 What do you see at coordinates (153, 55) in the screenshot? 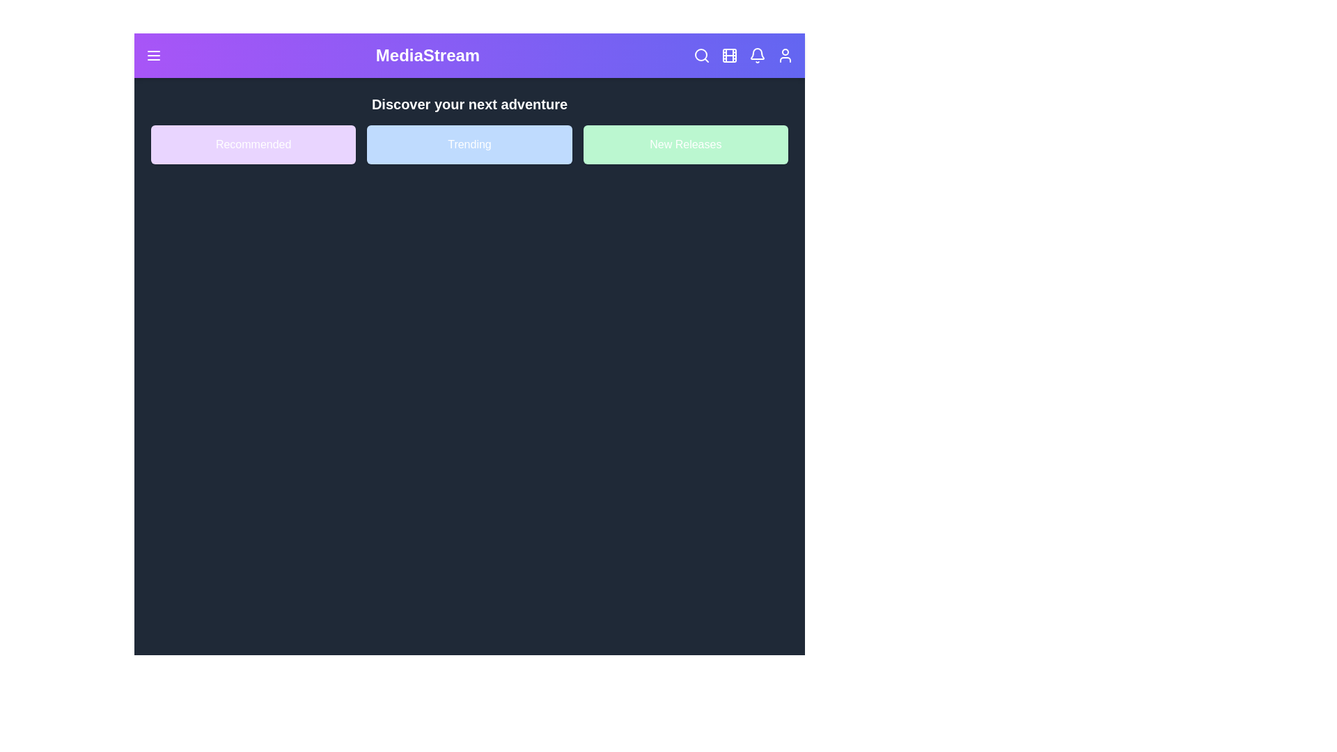
I see `the hamburger button to toggle the menu` at bounding box center [153, 55].